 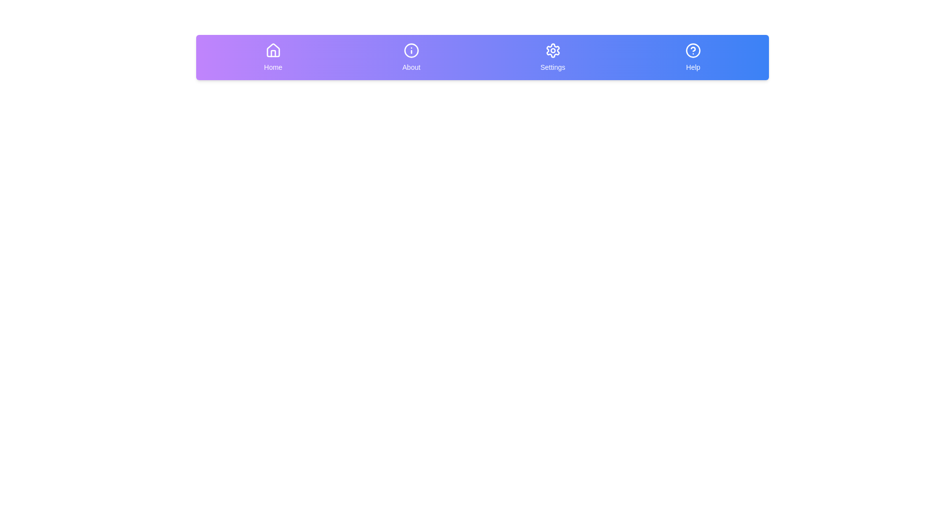 What do you see at coordinates (411, 51) in the screenshot?
I see `the 'About' icon in the navigation bar, which serves as the visual indicator for the informational page` at bounding box center [411, 51].